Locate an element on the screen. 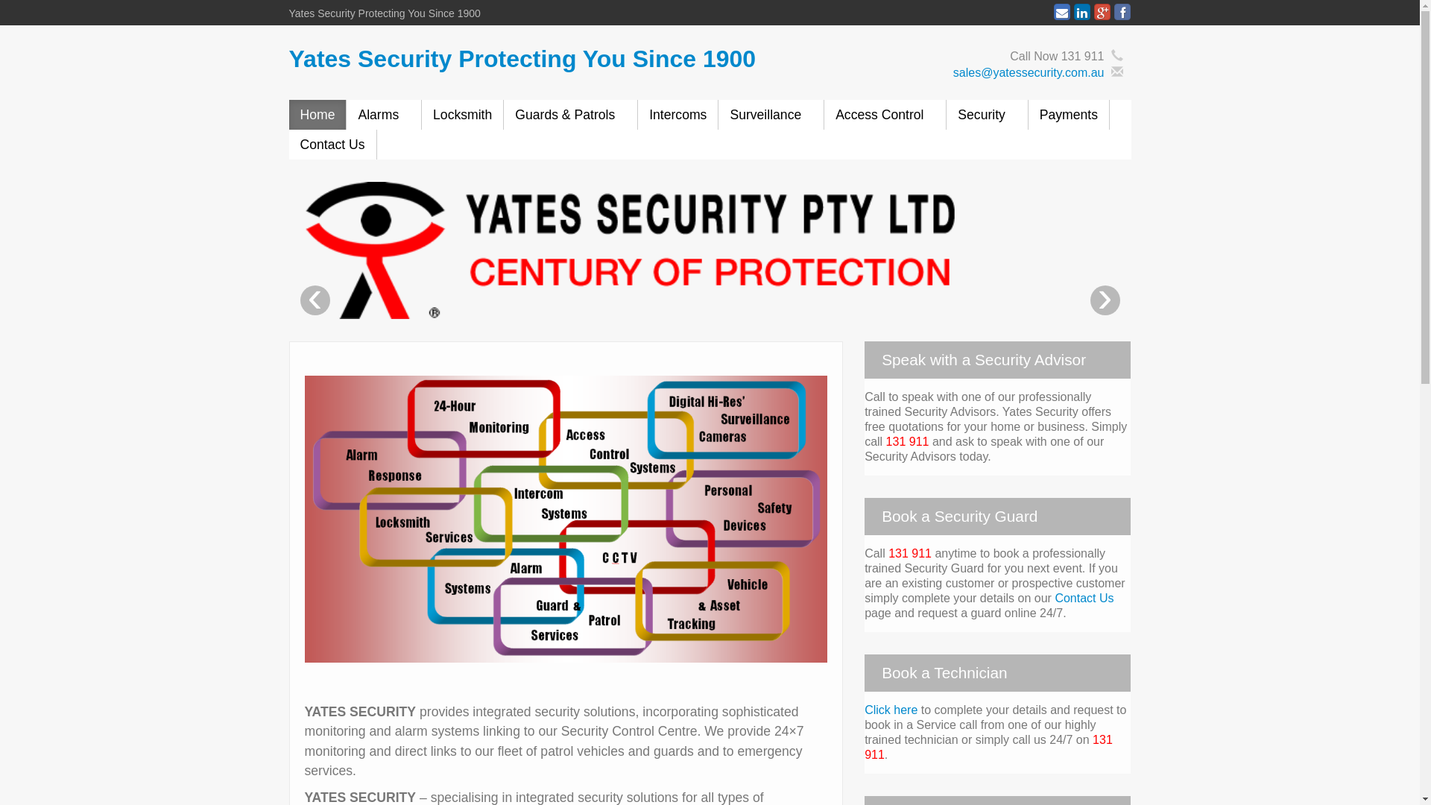 The height and width of the screenshot is (805, 1431). 'Yates Security Protecting You Since 1900 Linkedin' is located at coordinates (1081, 11).